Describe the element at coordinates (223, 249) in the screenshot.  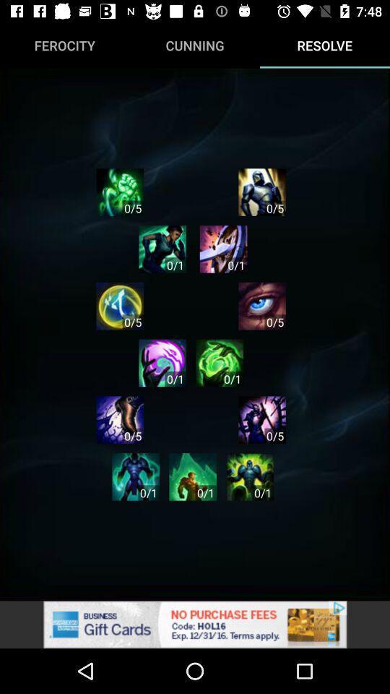
I see `games` at that location.